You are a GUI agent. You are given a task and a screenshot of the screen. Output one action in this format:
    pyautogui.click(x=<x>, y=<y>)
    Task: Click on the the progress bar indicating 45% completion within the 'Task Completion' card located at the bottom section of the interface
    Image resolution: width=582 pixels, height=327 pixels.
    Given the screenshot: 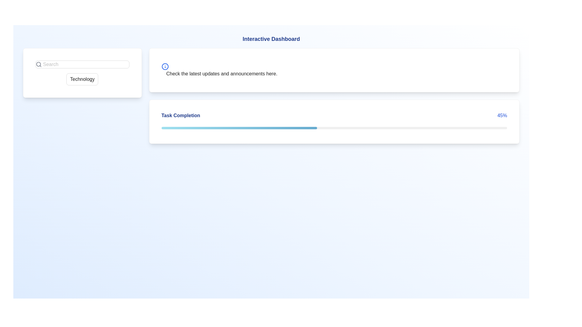 What is the action you would take?
    pyautogui.click(x=334, y=128)
    